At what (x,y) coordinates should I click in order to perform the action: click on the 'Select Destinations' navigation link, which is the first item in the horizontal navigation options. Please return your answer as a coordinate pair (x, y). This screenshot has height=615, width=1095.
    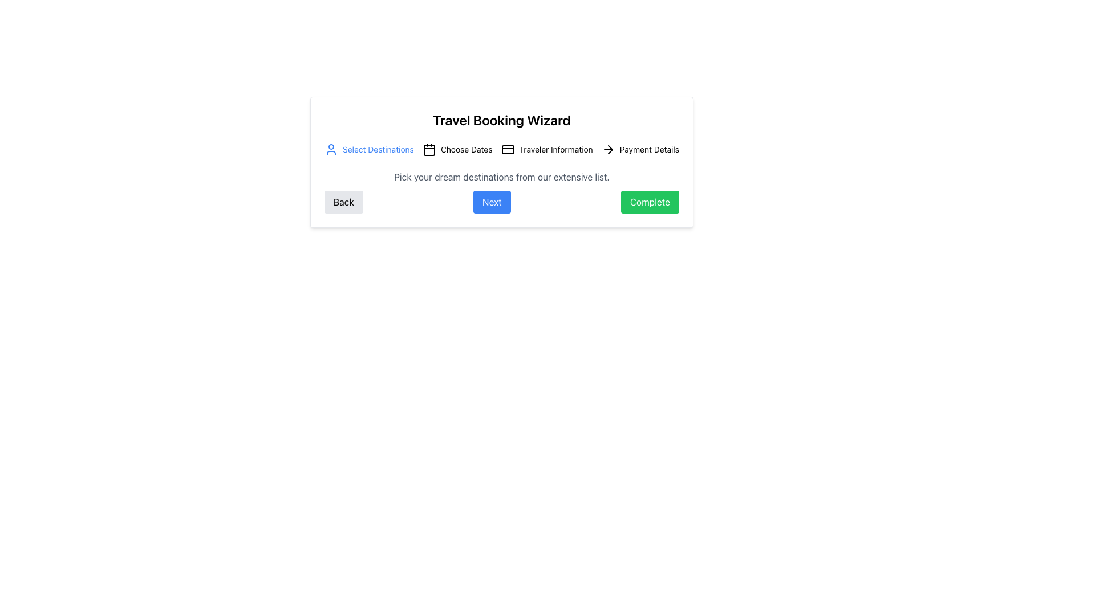
    Looking at the image, I should click on (369, 149).